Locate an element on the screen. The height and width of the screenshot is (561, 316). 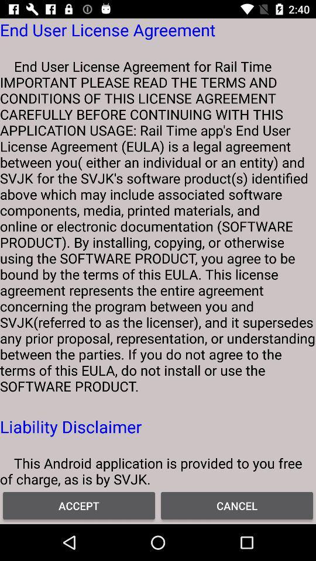
the accept button is located at coordinates (79, 505).